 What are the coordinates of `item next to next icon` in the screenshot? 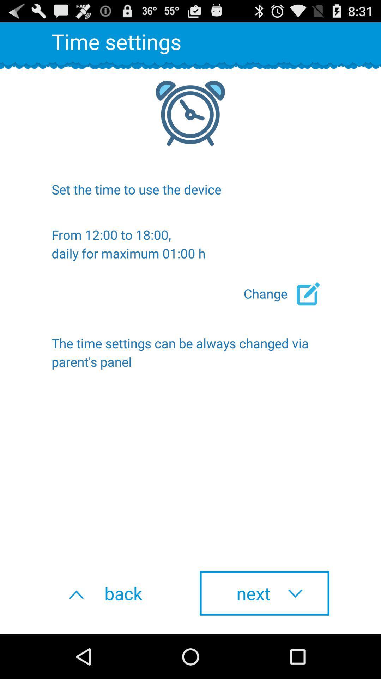 It's located at (116, 593).